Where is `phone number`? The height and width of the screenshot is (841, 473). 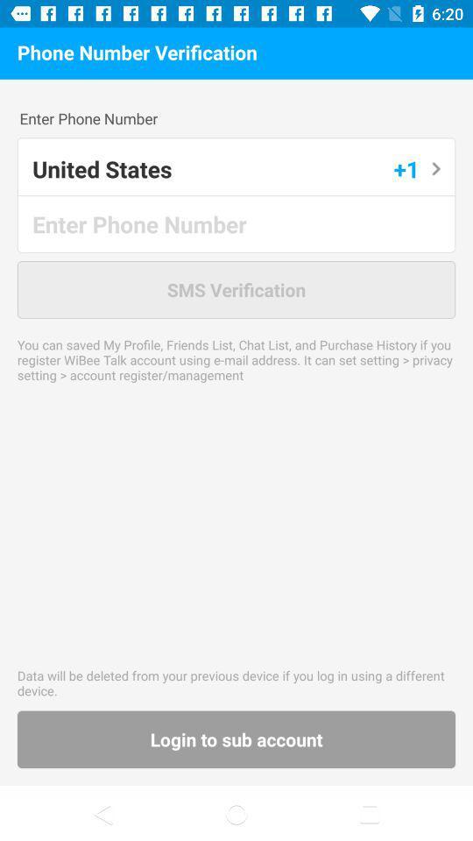
phone number is located at coordinates (236, 223).